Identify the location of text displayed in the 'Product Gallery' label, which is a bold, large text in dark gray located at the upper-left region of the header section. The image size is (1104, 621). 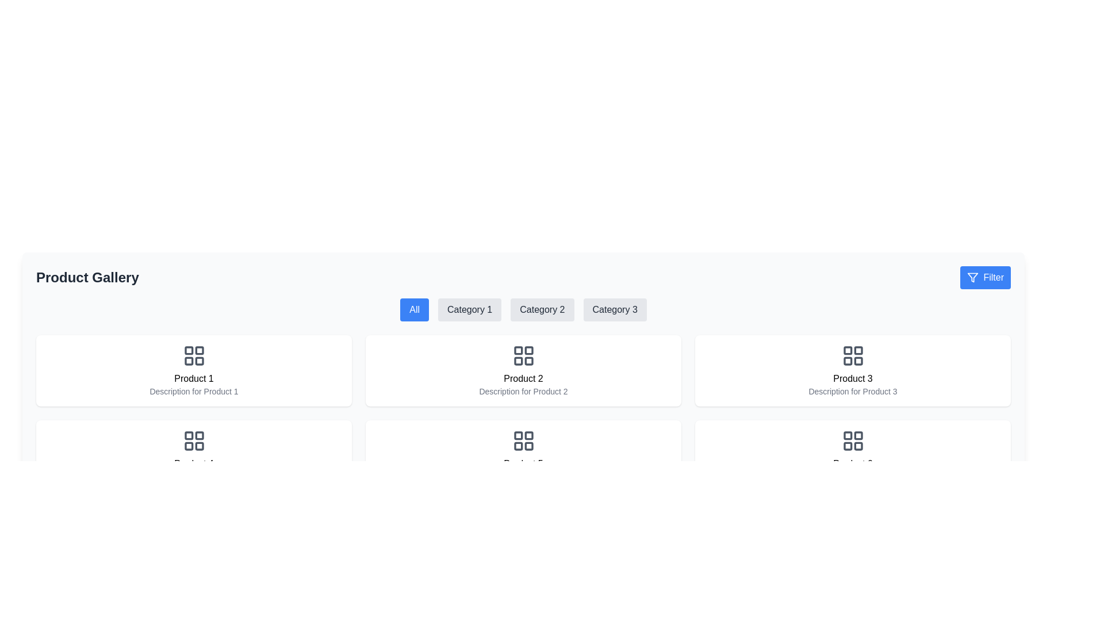
(87, 277).